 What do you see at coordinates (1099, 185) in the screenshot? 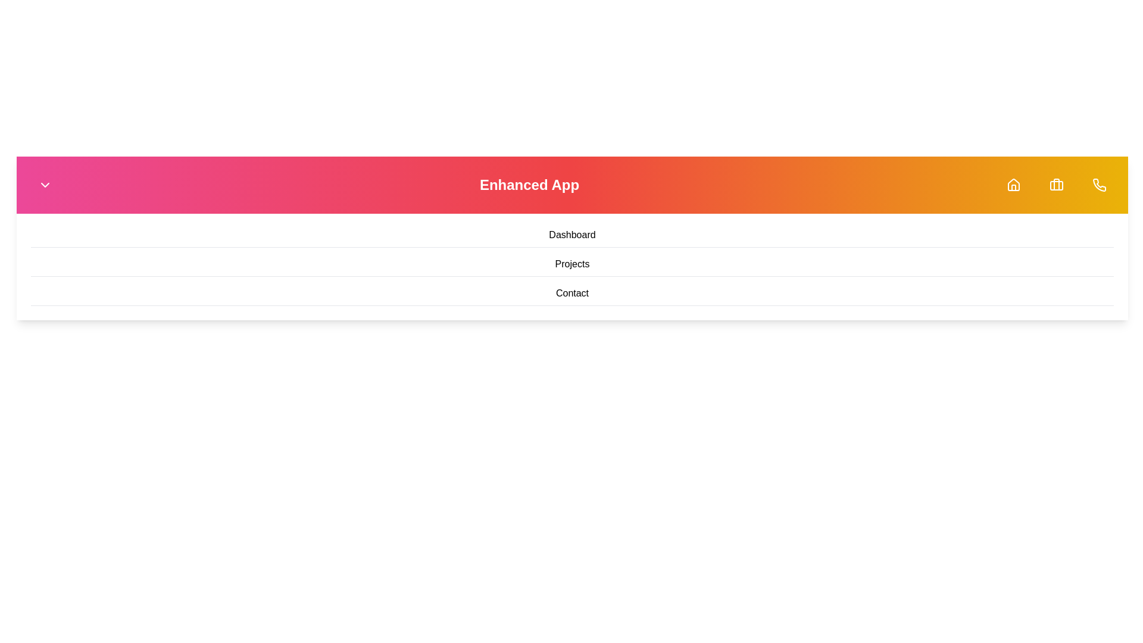
I see `the navigation icon corresponding to Phone` at bounding box center [1099, 185].